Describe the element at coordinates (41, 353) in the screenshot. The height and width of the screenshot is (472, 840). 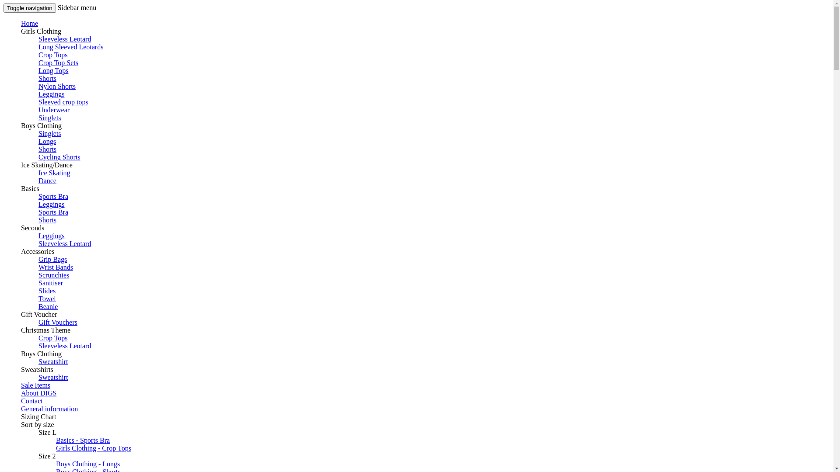
I see `'Boys Clothing'` at that location.